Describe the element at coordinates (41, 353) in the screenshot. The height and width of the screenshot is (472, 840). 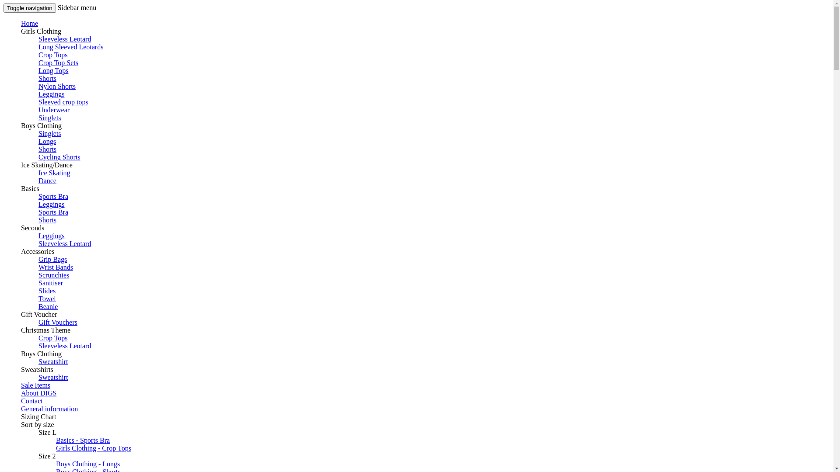
I see `'Boys Clothing'` at that location.